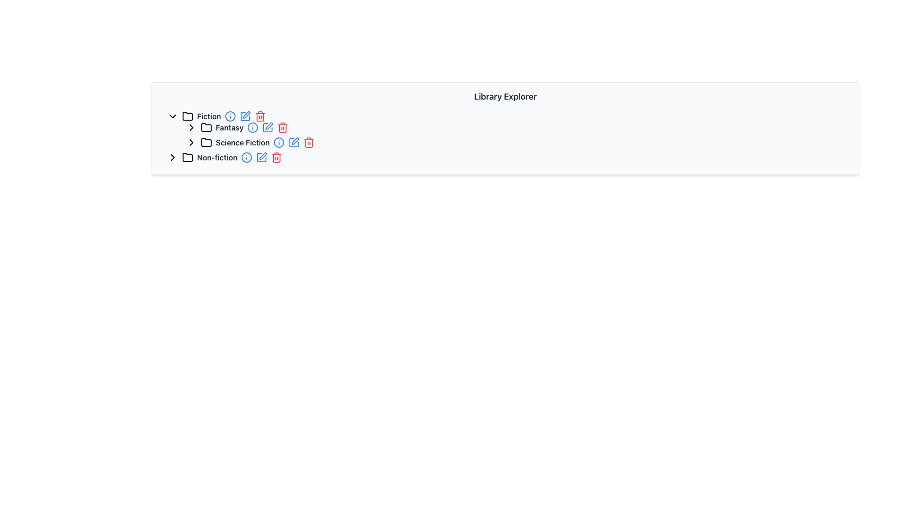 This screenshot has width=899, height=505. I want to click on the information icon button located to the right of the 'Fiction' text in the Library Explorer interface, so click(230, 116).